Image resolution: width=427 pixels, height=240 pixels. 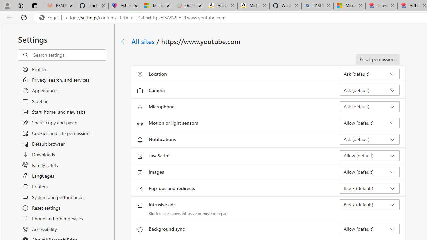 I want to click on 'Motion or light sensors Allow (default)', so click(x=369, y=123).